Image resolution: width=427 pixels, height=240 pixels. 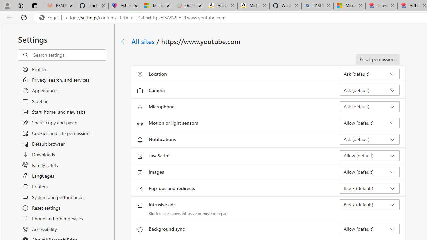 I want to click on 'Motion or light sensors Allow (default)', so click(x=369, y=123).